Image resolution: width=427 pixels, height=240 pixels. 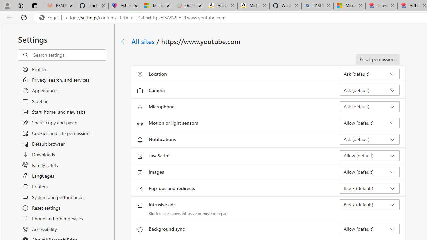 I want to click on 'Motion or light sensors Allow (default)', so click(x=369, y=123).